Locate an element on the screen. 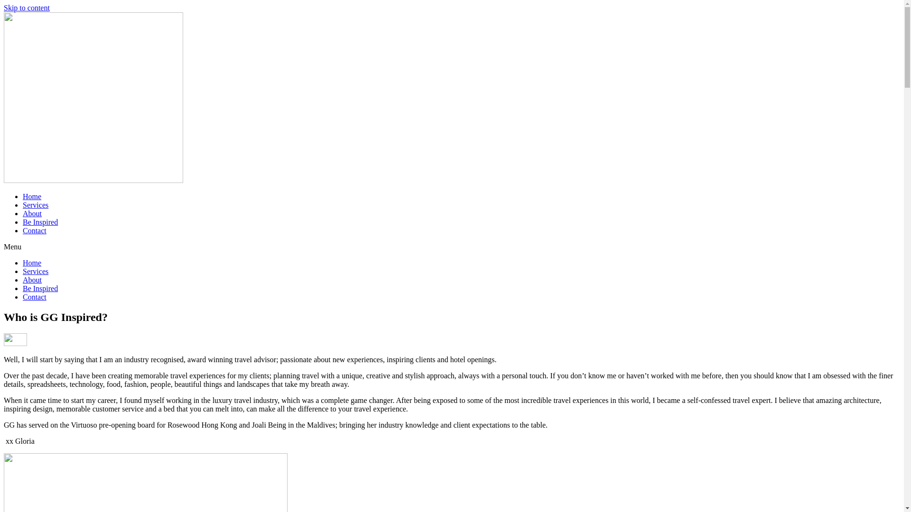  'Services' is located at coordinates (36, 271).